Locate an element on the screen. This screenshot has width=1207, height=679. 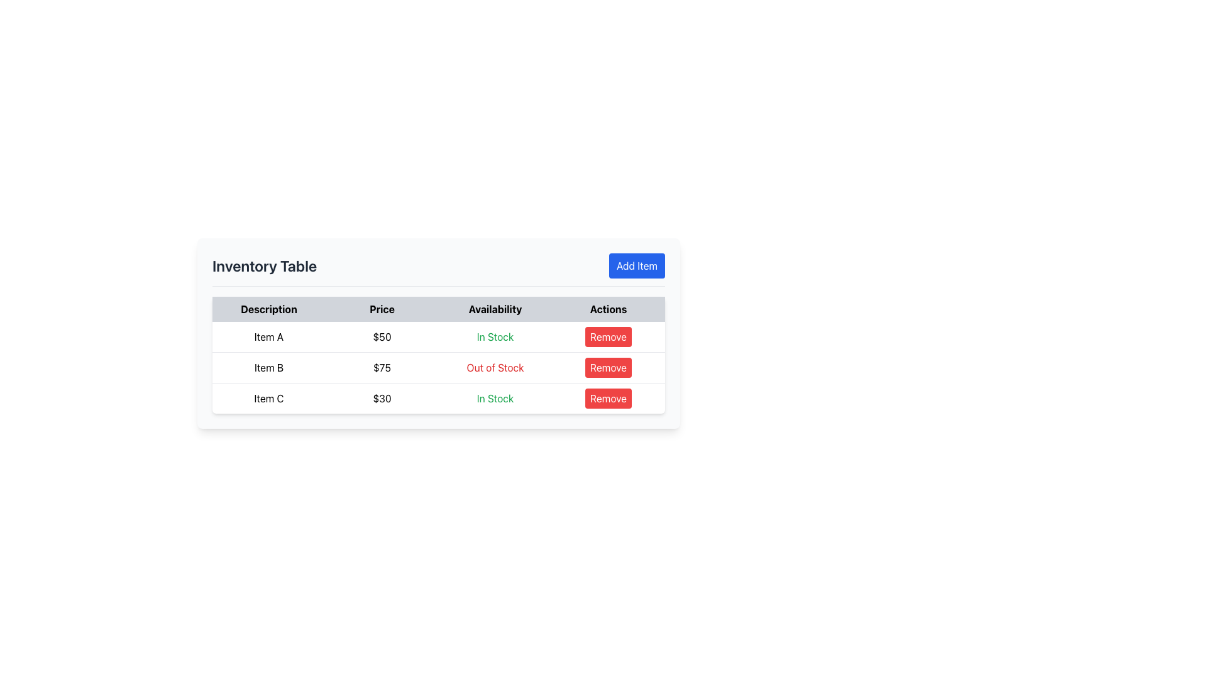
the static label displaying 'In Stock' in green, which indicates the availability status of 'Item A' in the table is located at coordinates (494, 336).